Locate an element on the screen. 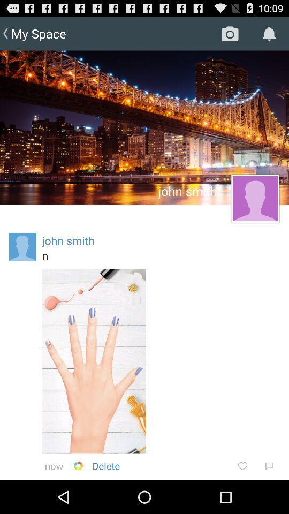 This screenshot has height=514, width=289. the item to the left of delete app is located at coordinates (78, 465).